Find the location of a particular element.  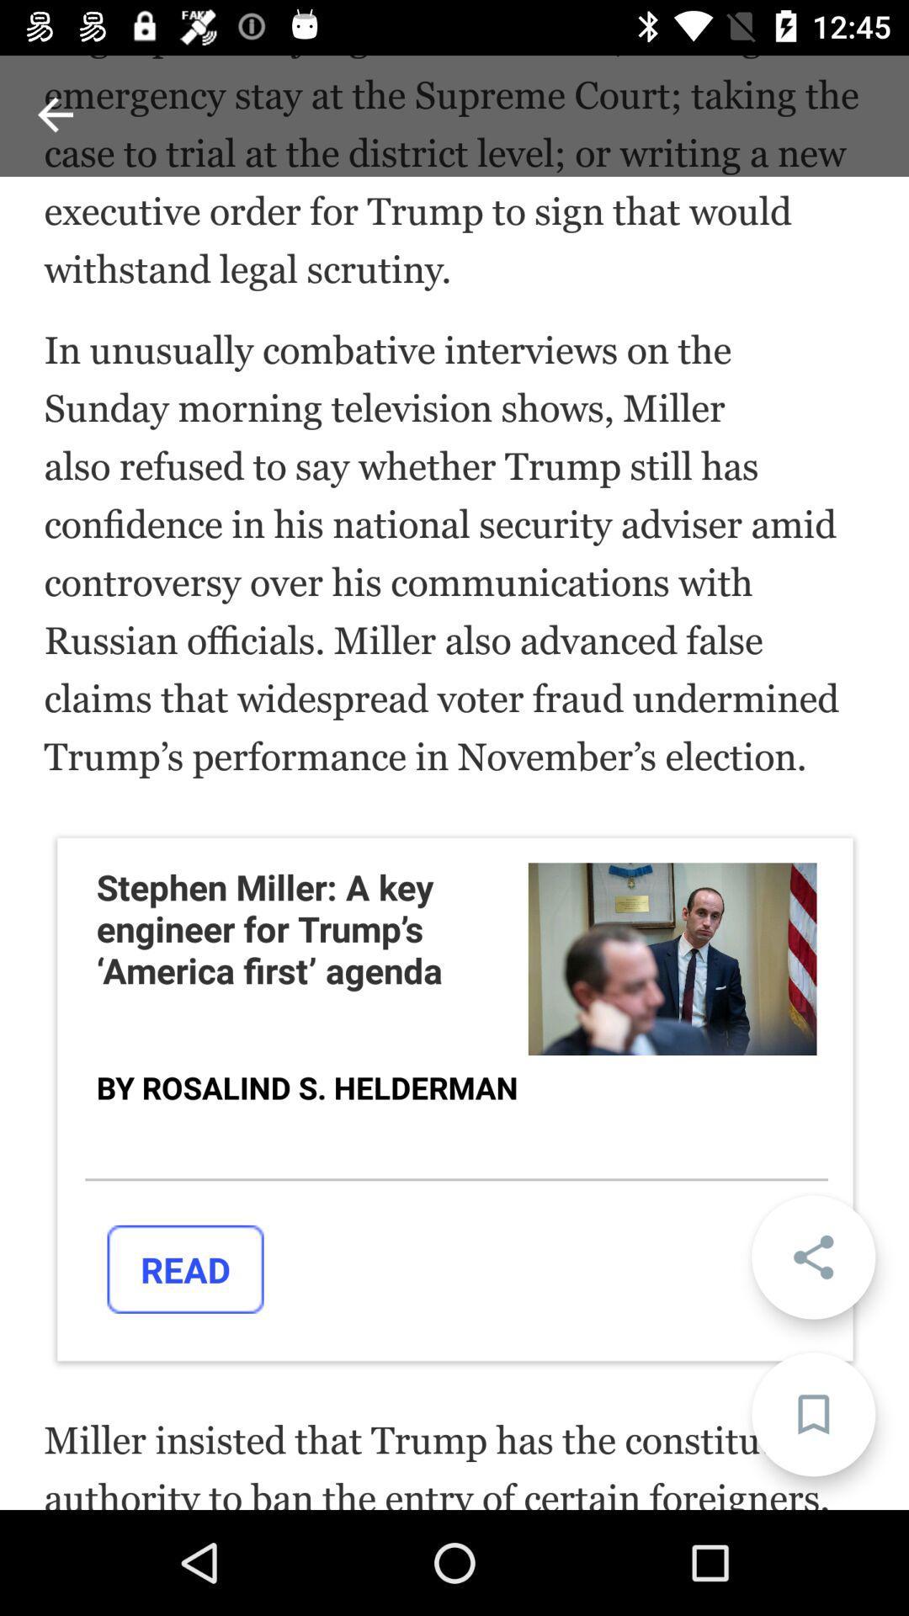

the arrow_backward icon is located at coordinates (54, 114).